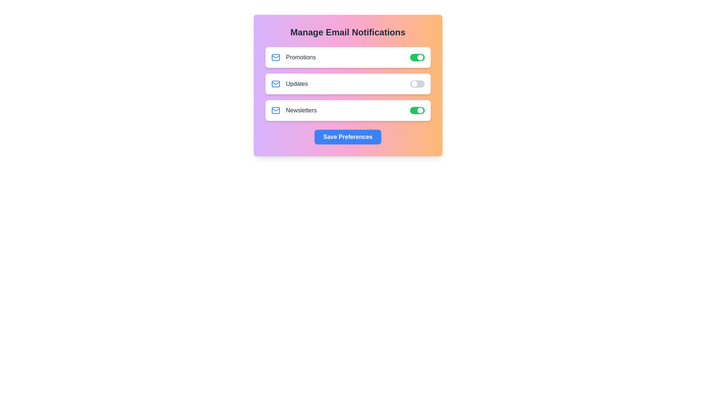  What do you see at coordinates (347, 137) in the screenshot?
I see `the 'Save Preferences' button` at bounding box center [347, 137].